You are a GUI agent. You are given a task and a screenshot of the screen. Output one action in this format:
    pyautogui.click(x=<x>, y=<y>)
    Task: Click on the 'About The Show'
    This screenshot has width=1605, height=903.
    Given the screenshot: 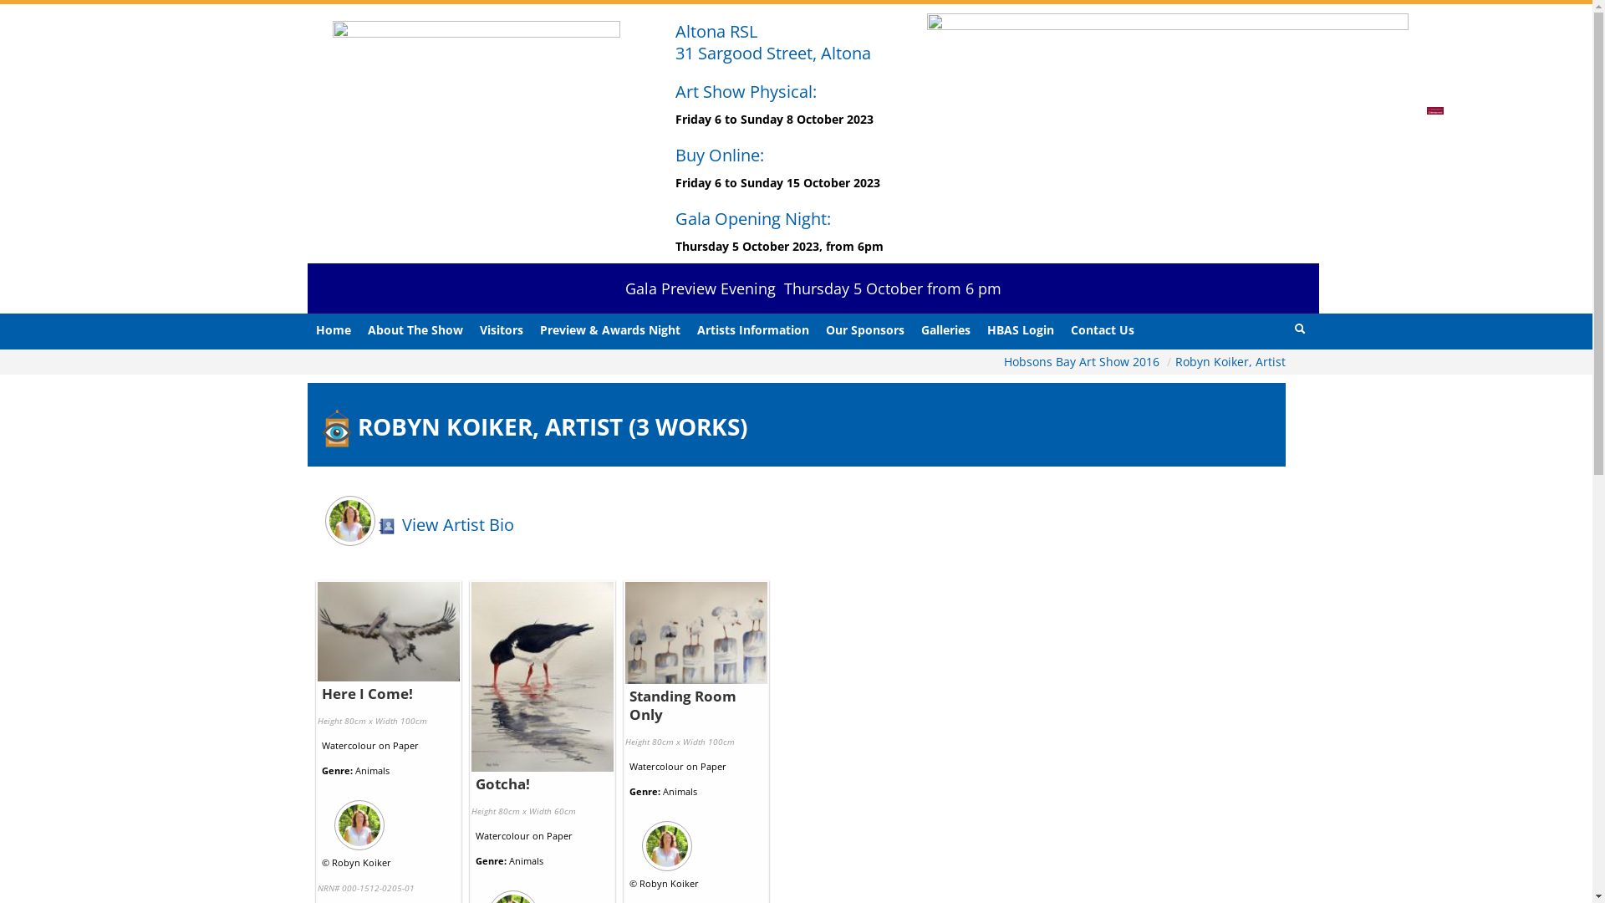 What is the action you would take?
    pyautogui.click(x=415, y=329)
    